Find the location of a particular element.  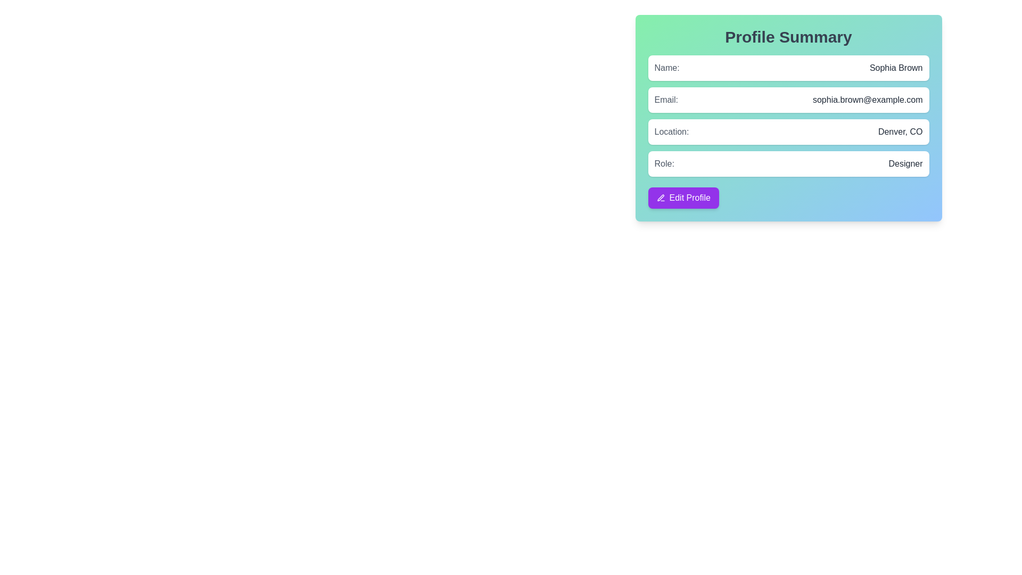

the static text label displaying the name 'Sophia Brown', which is styled in gray and located within the 'Profile Summary' panel, right next to the 'Name:' label is located at coordinates (895, 68).